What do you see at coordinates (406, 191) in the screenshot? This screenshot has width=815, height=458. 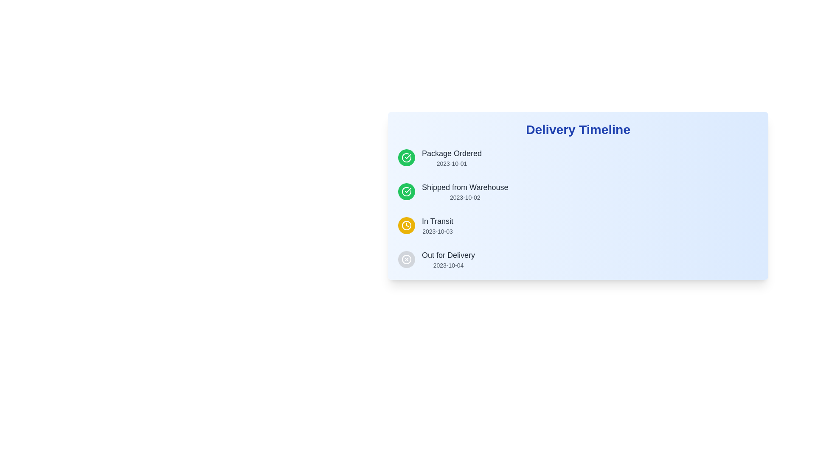 I see `the circular icon indicating 'Package Ordered' in the Delivery Timeline card` at bounding box center [406, 191].